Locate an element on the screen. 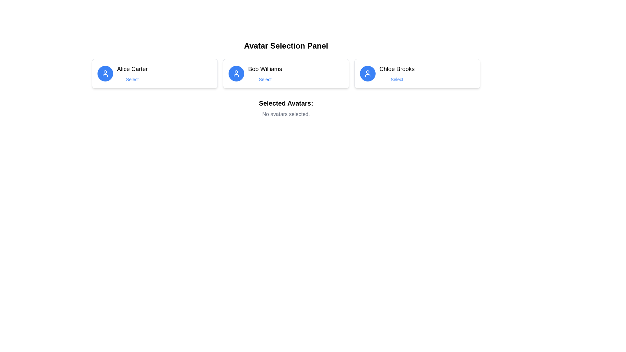 The image size is (626, 352). the Text display component that shows the summary of currently selected avatars, positioned below the avatar selection panel is located at coordinates (286, 108).